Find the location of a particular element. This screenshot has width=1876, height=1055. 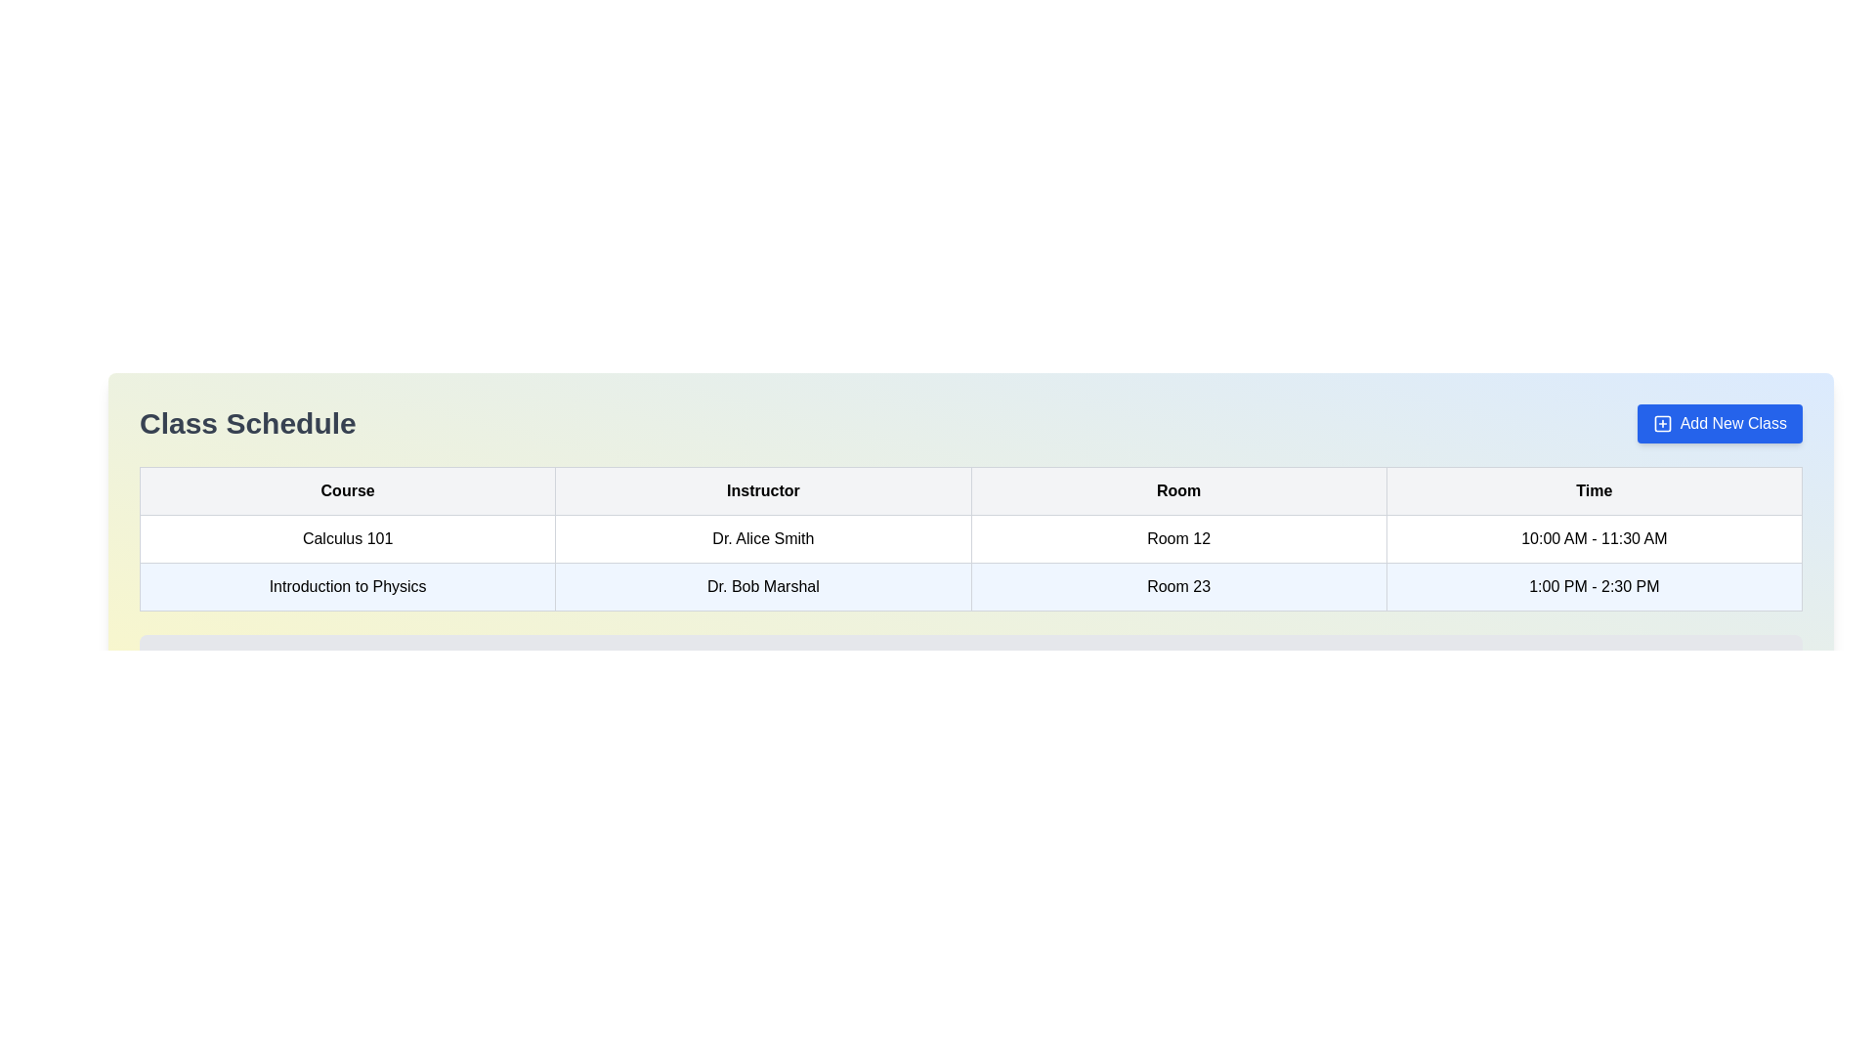

the table cell that identifies the course name associated with the instructor 'Dr. Bob Marshal', located in the first column of the second row is located at coordinates (348, 586).